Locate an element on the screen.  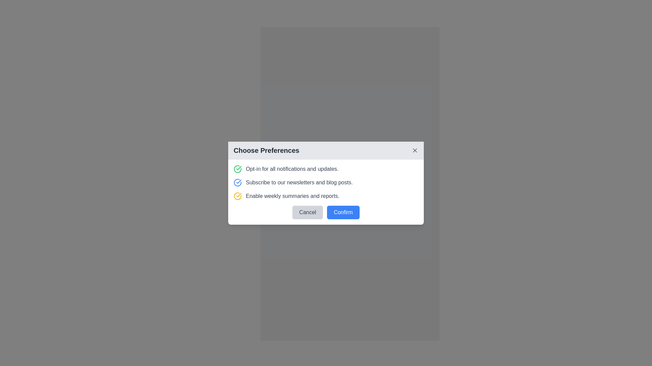
the text label that says 'Enable weekly summaries and reports.', which is the third option in a vertical list within the preferences selection dialog is located at coordinates (292, 196).